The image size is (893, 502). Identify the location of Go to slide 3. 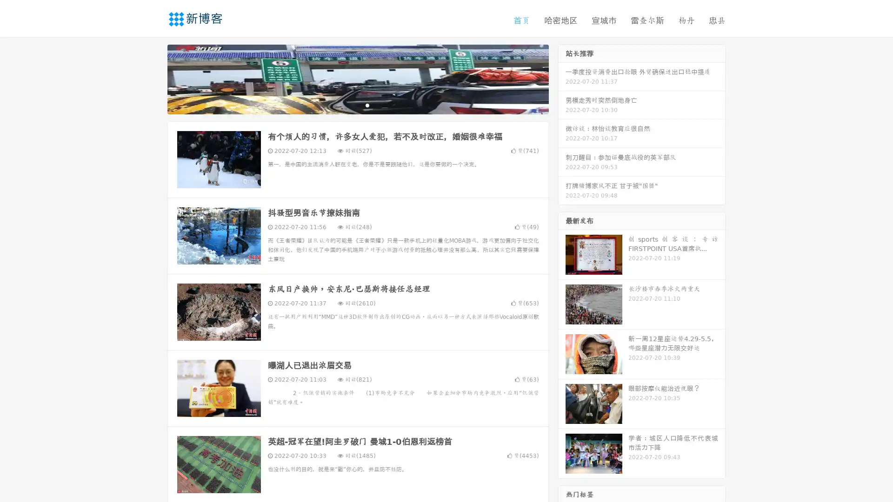
(367, 105).